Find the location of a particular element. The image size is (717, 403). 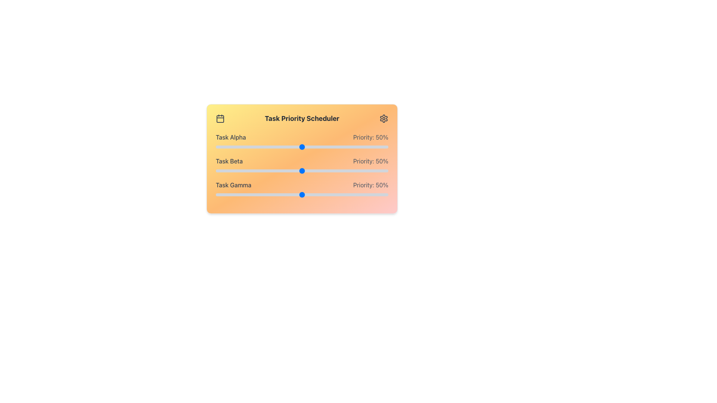

task priority is located at coordinates (217, 147).